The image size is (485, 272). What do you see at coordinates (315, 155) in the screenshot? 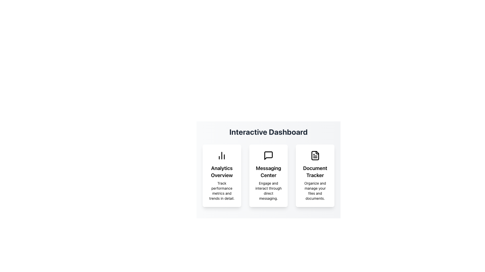
I see `the decorative icon representing document tracking located at the upper center of the third card (Document Tracker) in the middle row of the interface` at bounding box center [315, 155].